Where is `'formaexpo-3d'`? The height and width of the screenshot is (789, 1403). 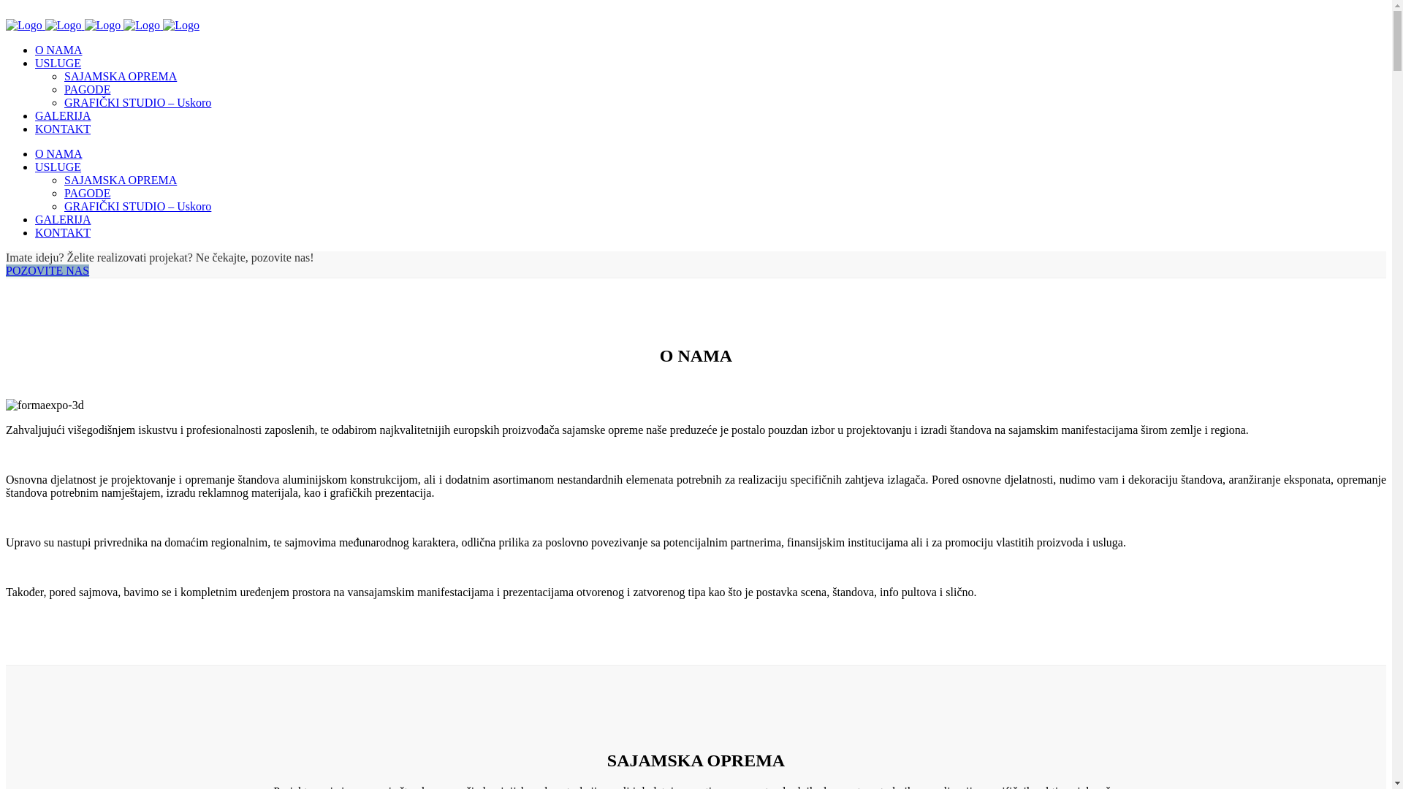 'formaexpo-3d' is located at coordinates (45, 405).